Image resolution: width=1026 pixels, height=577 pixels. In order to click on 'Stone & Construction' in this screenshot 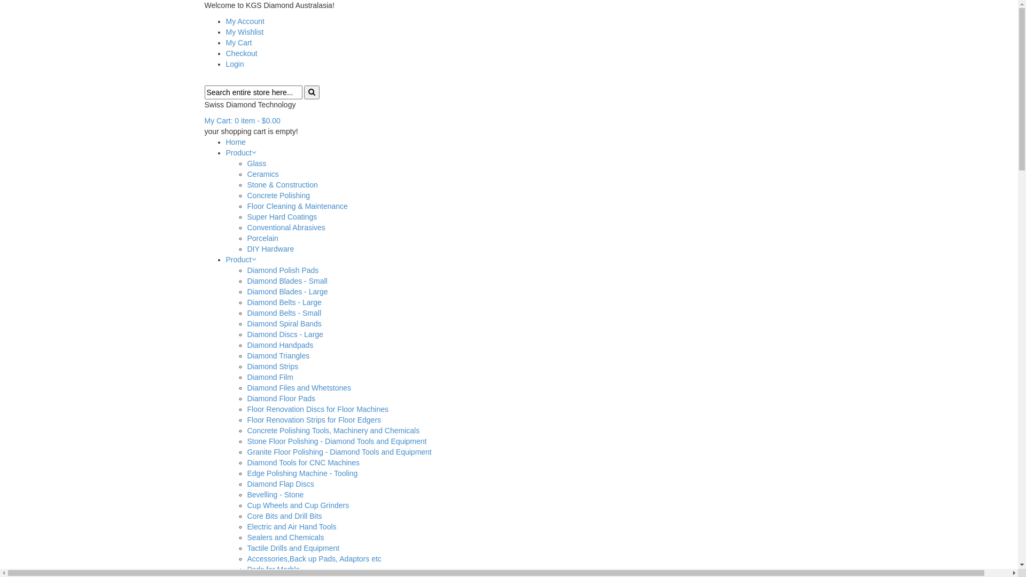, I will do `click(282, 184)`.